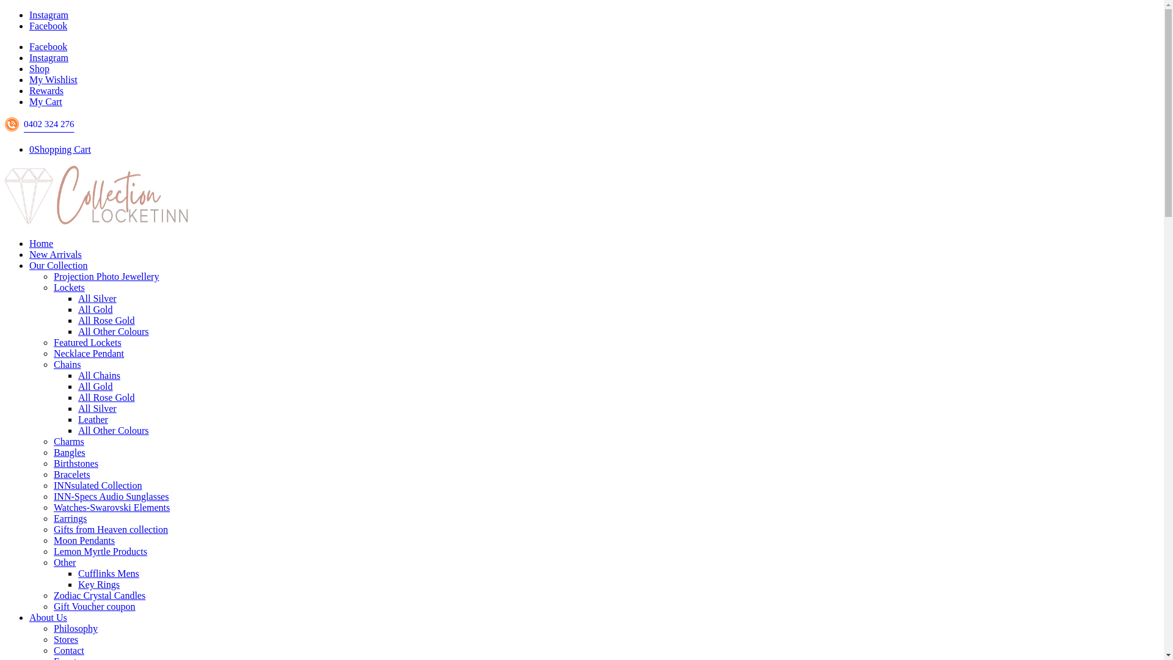 The height and width of the screenshot is (660, 1173). Describe the element at coordinates (53, 79) in the screenshot. I see `'My Wishlist'` at that location.